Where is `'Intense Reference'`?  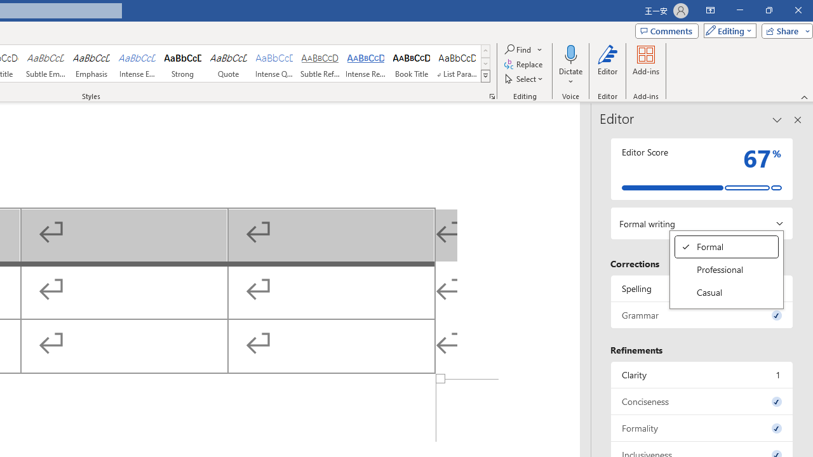 'Intense Reference' is located at coordinates (365, 63).